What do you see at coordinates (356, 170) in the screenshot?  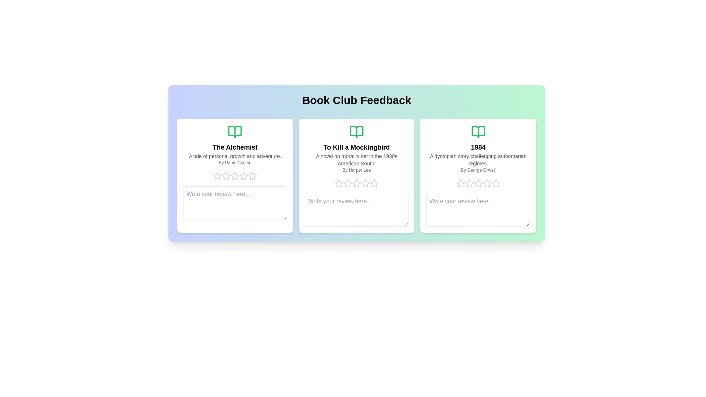 I see `the Static Label that provides attribution for the book's author, located in the second card from the left, below the main book description and above the rating stars` at bounding box center [356, 170].